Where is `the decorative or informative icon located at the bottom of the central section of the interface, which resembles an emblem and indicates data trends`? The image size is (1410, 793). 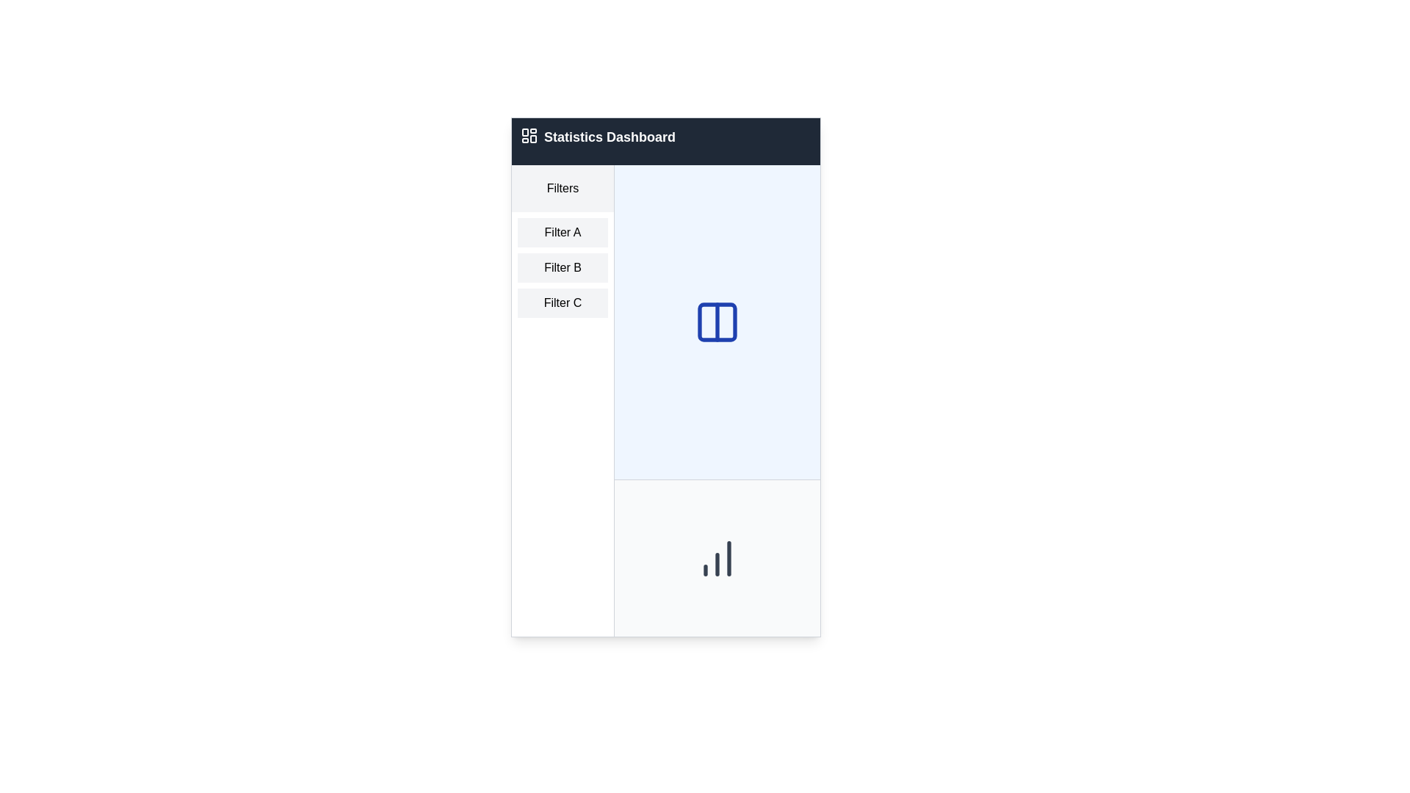 the decorative or informative icon located at the bottom of the central section of the interface, which resembles an emblem and indicates data trends is located at coordinates (717, 557).